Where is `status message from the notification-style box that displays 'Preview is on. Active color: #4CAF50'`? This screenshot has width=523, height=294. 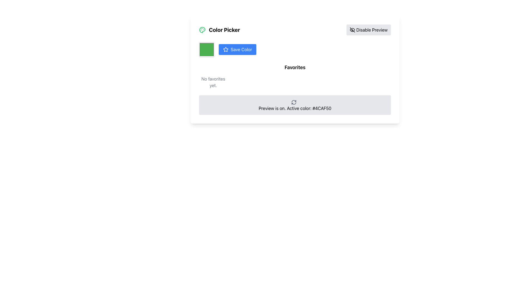
status message from the notification-style box that displays 'Preview is on. Active color: #4CAF50' is located at coordinates (295, 105).